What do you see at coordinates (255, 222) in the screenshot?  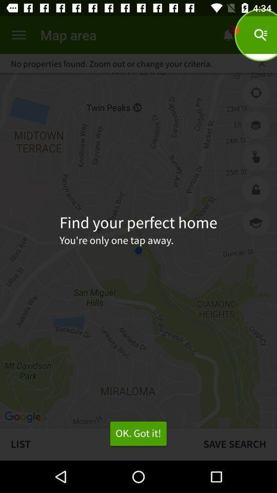 I see `the item next to find your perfect icon` at bounding box center [255, 222].